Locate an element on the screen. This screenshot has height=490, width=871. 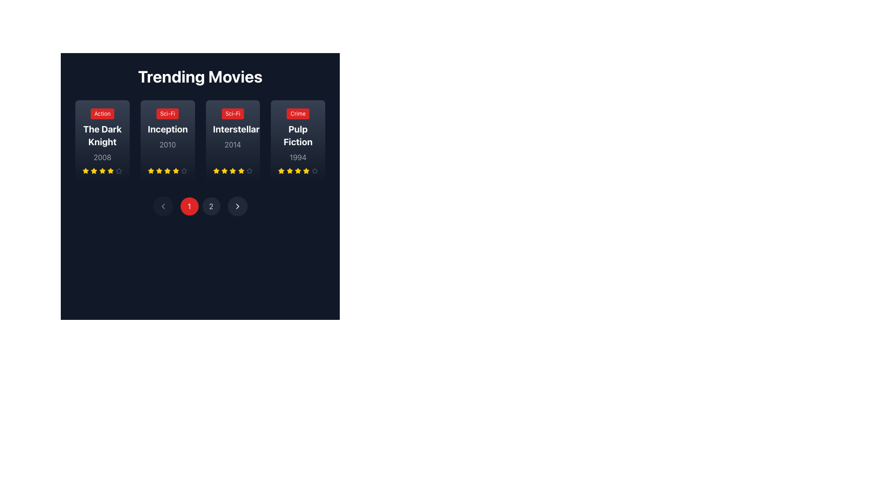
the title label of the movie entry located in the second card from the left, positioned below a red 'Sci-Fi' badge and above a gray '2010' label is located at coordinates (167, 129).